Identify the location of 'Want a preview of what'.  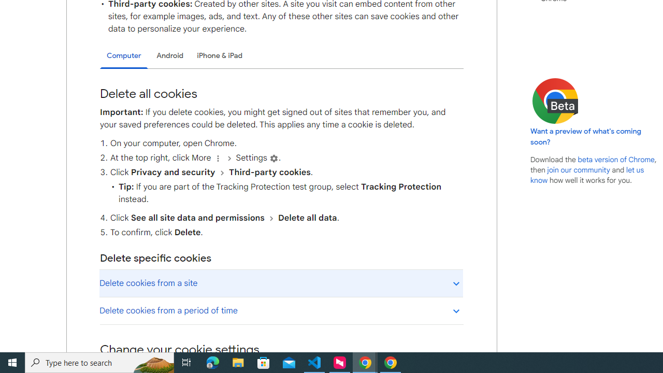
(586, 136).